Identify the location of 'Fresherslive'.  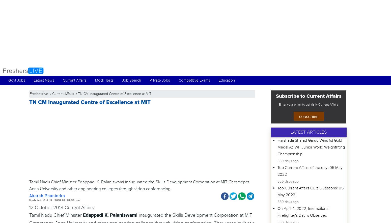
(39, 94).